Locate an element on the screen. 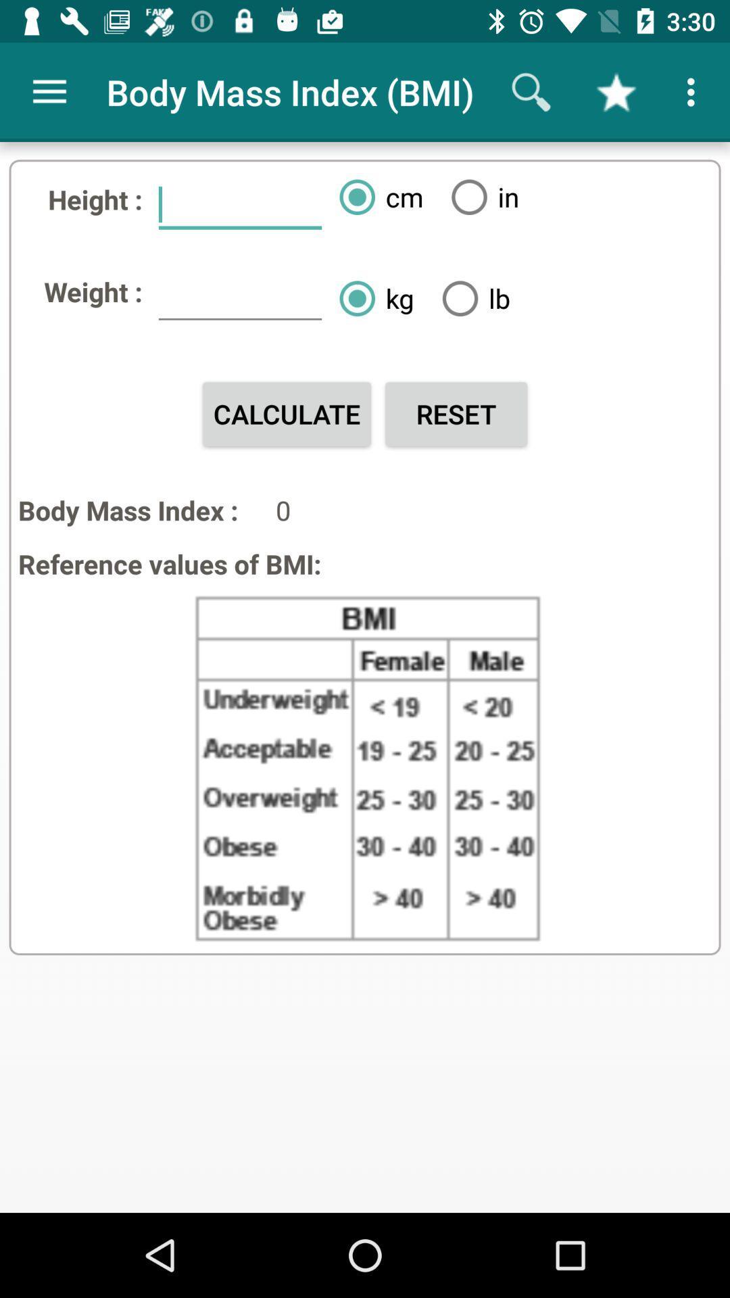 The image size is (730, 1298). the item next to height : icon is located at coordinates (239, 204).